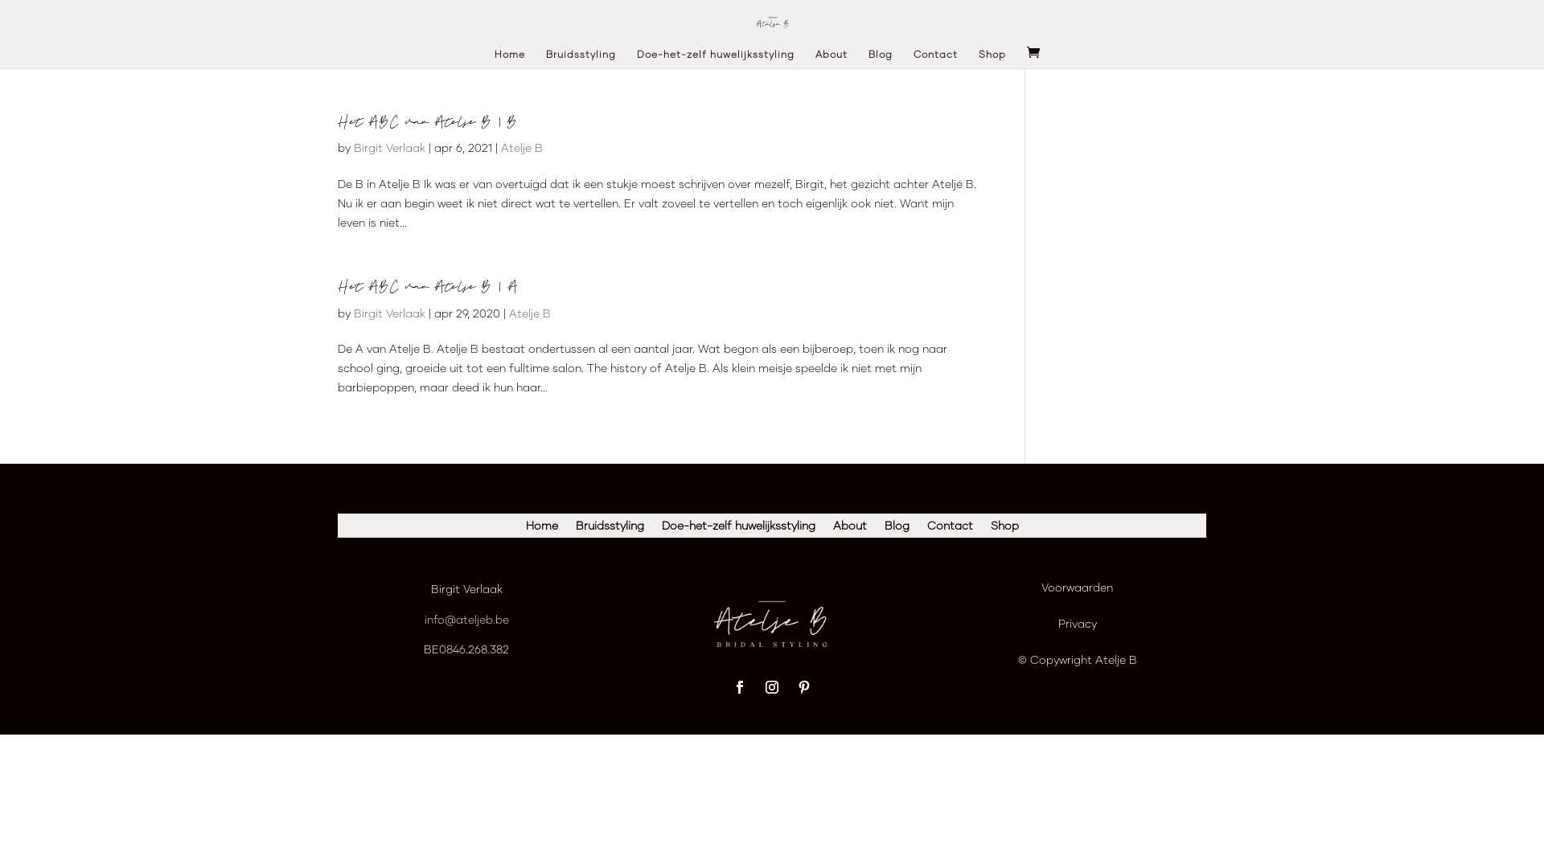 The width and height of the screenshot is (1544, 868). What do you see at coordinates (926, 529) in the screenshot?
I see `'Contact'` at bounding box center [926, 529].